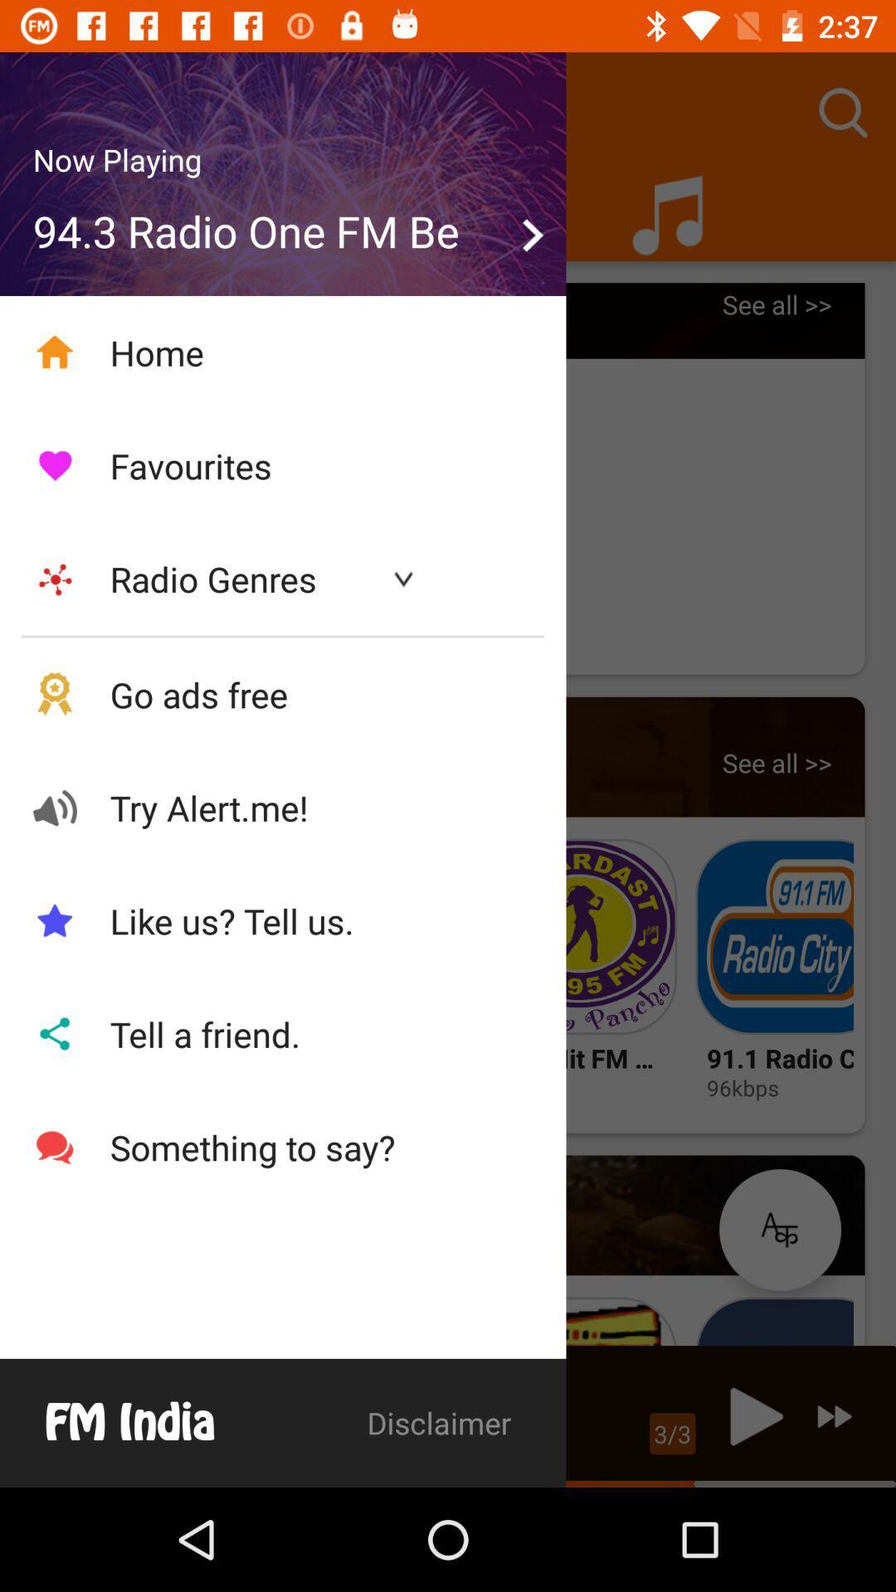 Image resolution: width=896 pixels, height=1592 pixels. I want to click on the star icon, so click(780, 1230).